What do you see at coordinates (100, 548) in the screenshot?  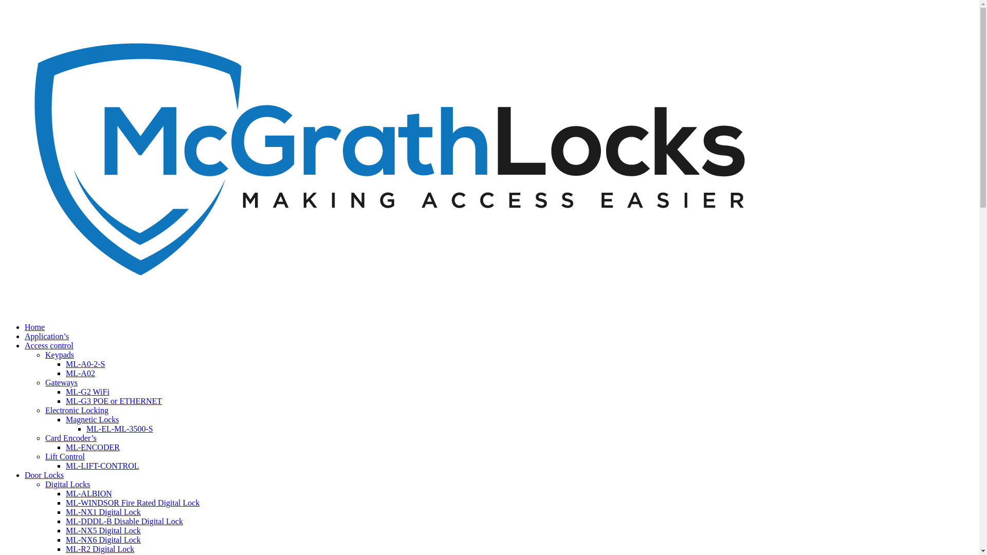 I see `'ML-R2 Digital Lock'` at bounding box center [100, 548].